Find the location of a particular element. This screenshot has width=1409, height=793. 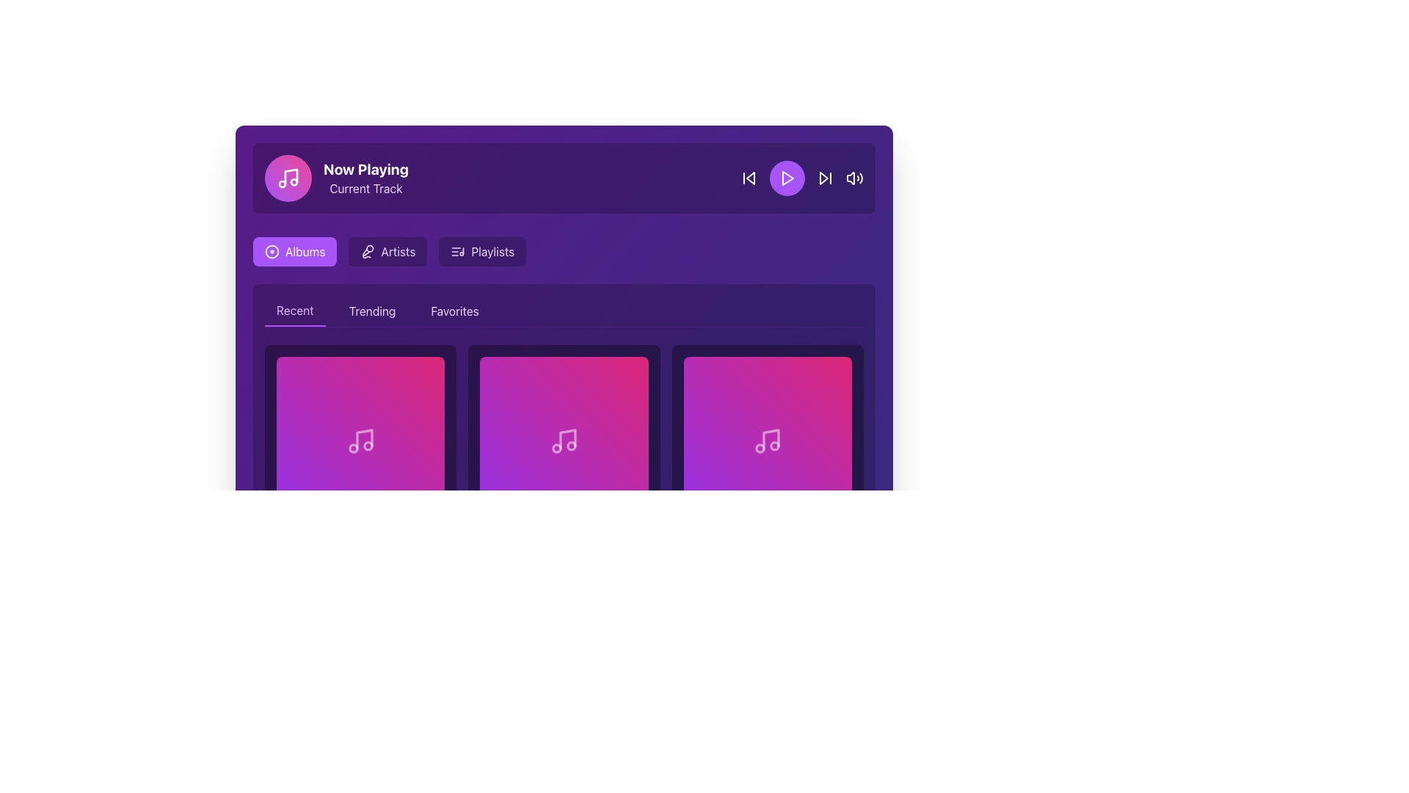

the music-related icon located at the center of a square card-shaped component in the main content area of the music application is located at coordinates (563, 440).